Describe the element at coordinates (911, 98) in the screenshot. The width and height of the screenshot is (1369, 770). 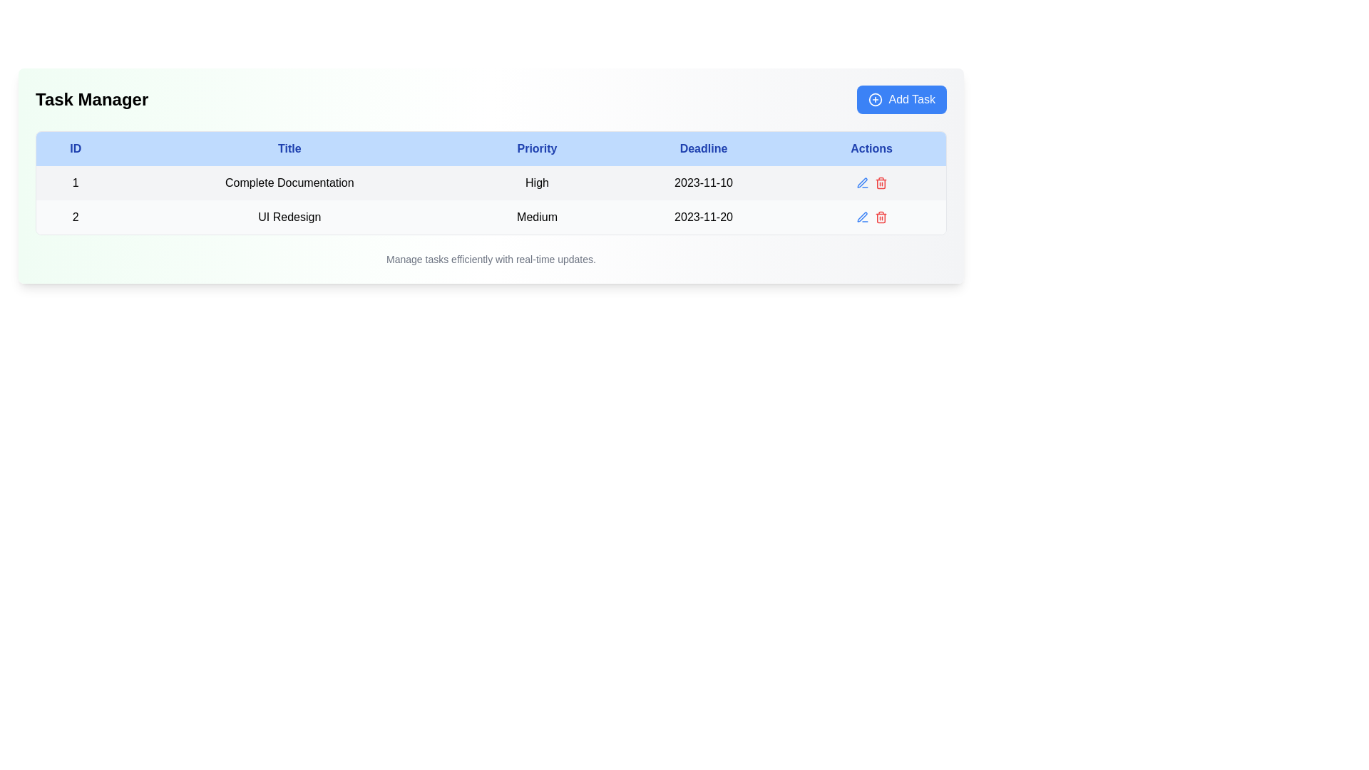
I see `the text 'Add Task' which is styled with a white font on a blue button located in the top-right corner of the task manager interface` at that location.